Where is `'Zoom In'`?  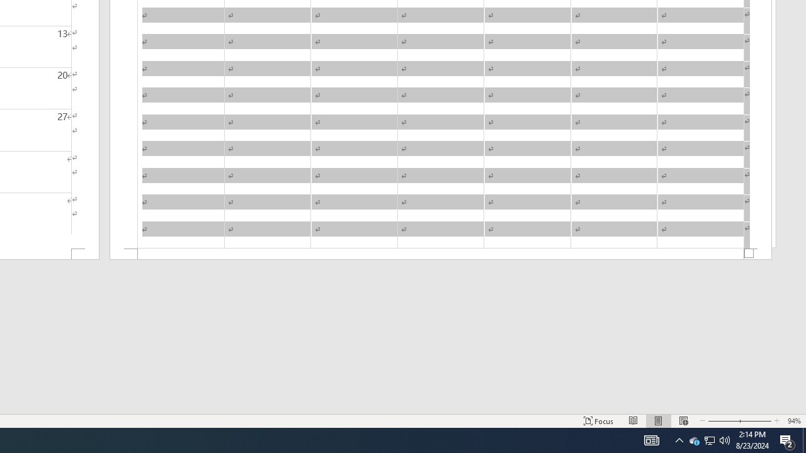
'Zoom In' is located at coordinates (756, 421).